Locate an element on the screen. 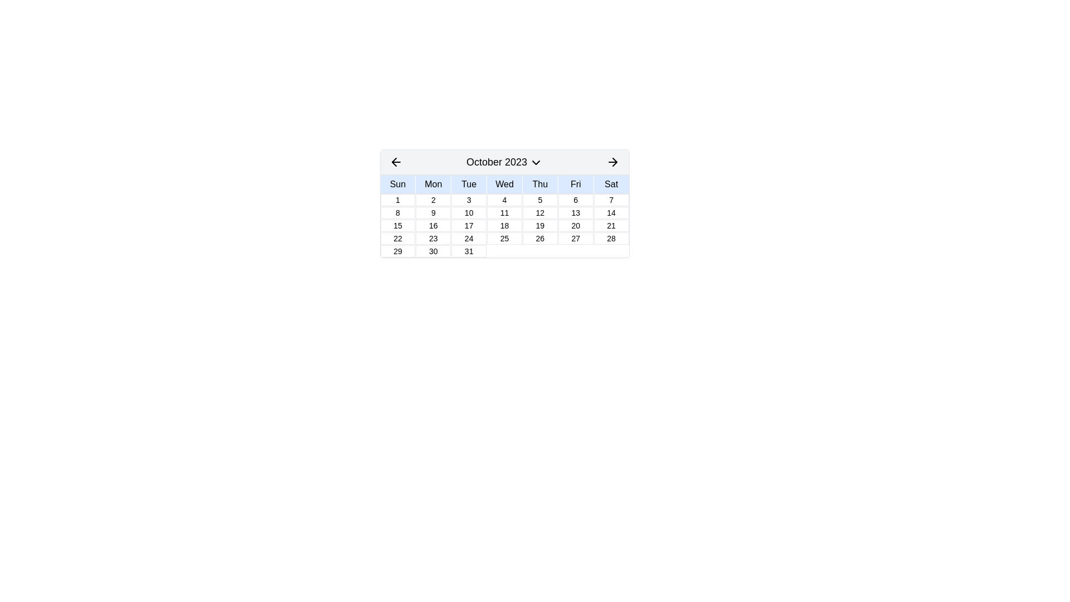 The height and width of the screenshot is (602, 1070). text representing the date '20' in the calendar interface for October 2023, located in the fifth column of the fourth row is located at coordinates (576, 226).